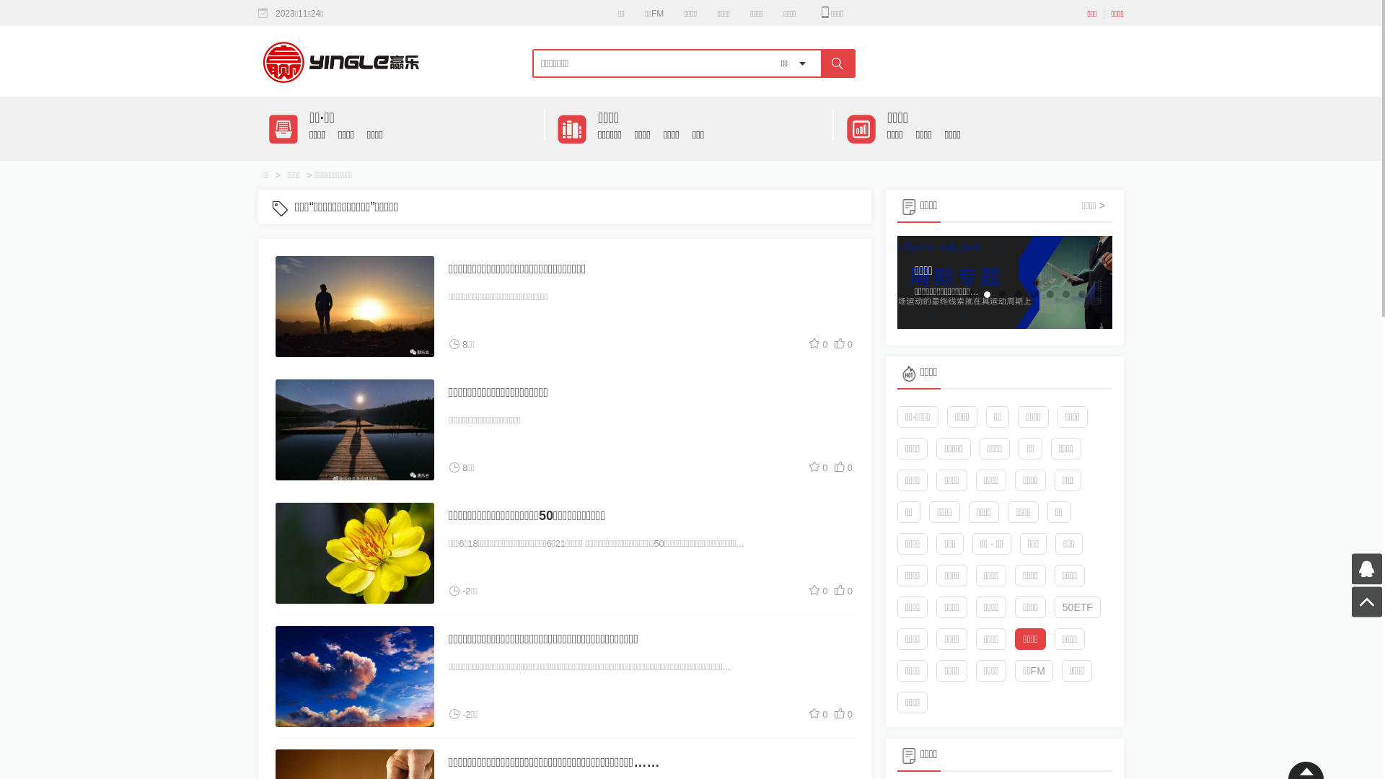  Describe the element at coordinates (1066, 294) in the screenshot. I see `'10'` at that location.